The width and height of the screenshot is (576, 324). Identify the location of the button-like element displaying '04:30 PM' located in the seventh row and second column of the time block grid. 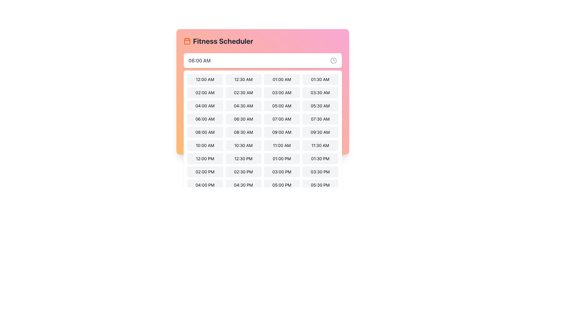
(243, 185).